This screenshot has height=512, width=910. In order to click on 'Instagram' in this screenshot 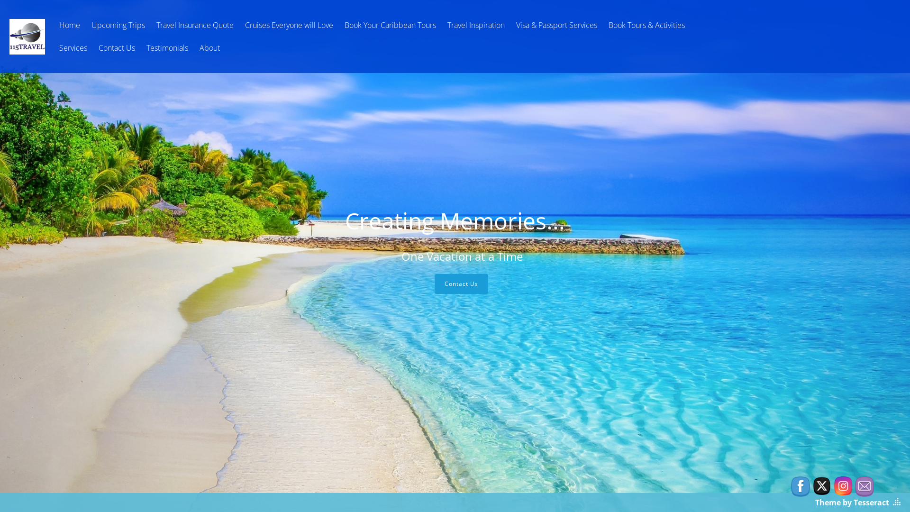, I will do `click(843, 486)`.